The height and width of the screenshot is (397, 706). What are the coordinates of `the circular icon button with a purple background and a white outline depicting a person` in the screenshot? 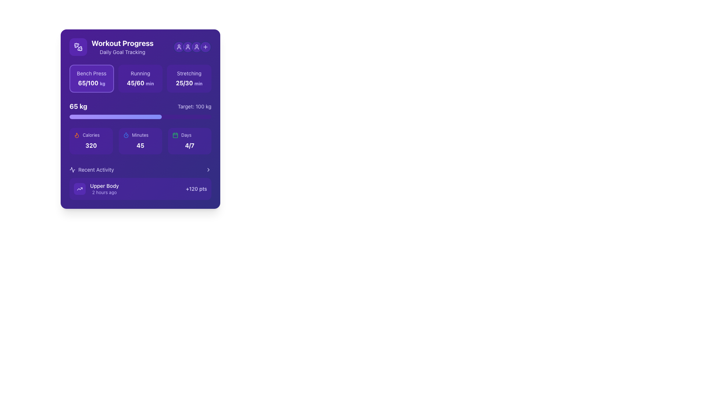 It's located at (179, 47).